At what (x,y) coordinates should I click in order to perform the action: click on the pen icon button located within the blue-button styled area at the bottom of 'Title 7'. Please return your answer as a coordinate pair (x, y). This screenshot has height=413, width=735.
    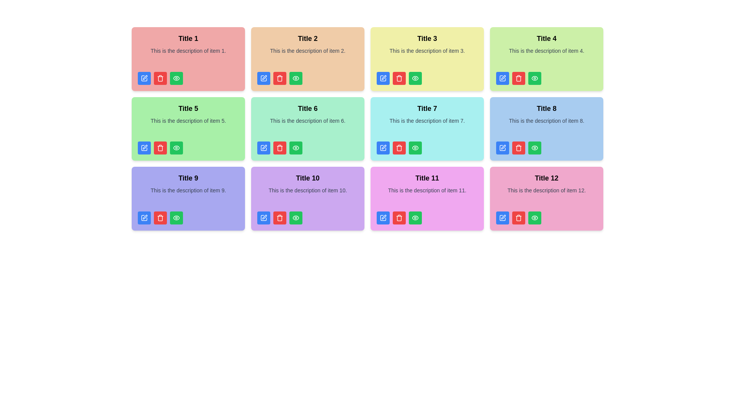
    Looking at the image, I should click on (383, 148).